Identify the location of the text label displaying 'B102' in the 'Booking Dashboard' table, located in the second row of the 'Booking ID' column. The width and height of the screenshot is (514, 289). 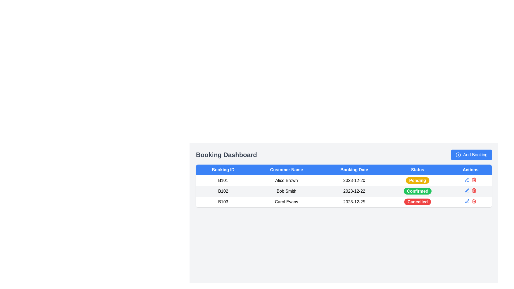
(223, 191).